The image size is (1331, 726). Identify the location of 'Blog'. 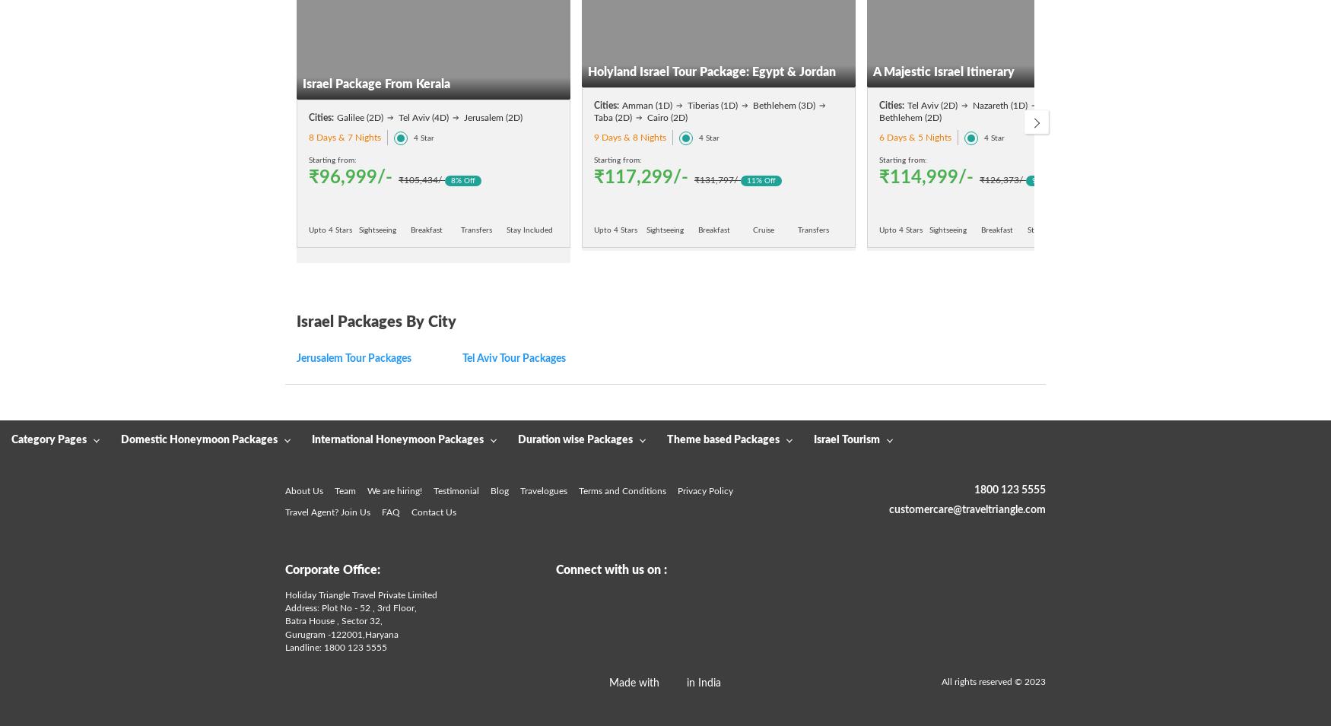
(498, 490).